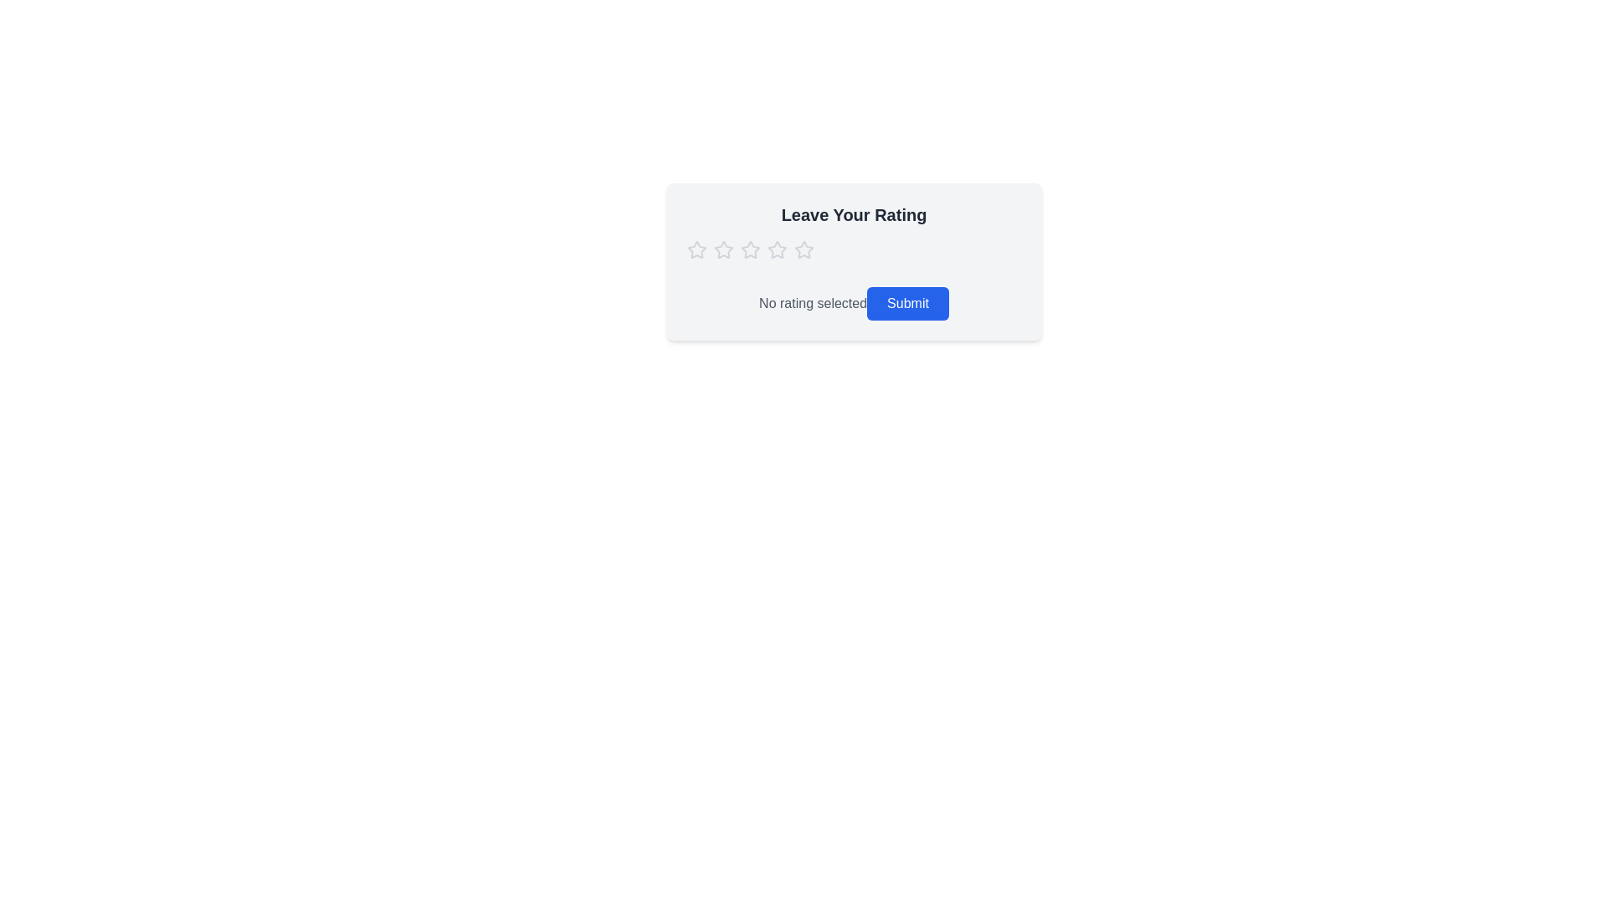  I want to click on the first star-shaped rating icon, which represents the one-star rating option in the 'Leave Your Rating' interface panel, so click(723, 249).